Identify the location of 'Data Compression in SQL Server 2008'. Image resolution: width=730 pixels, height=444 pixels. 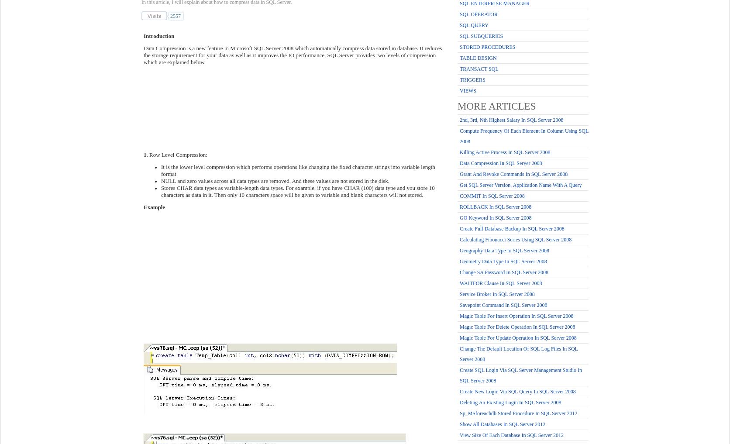
(460, 162).